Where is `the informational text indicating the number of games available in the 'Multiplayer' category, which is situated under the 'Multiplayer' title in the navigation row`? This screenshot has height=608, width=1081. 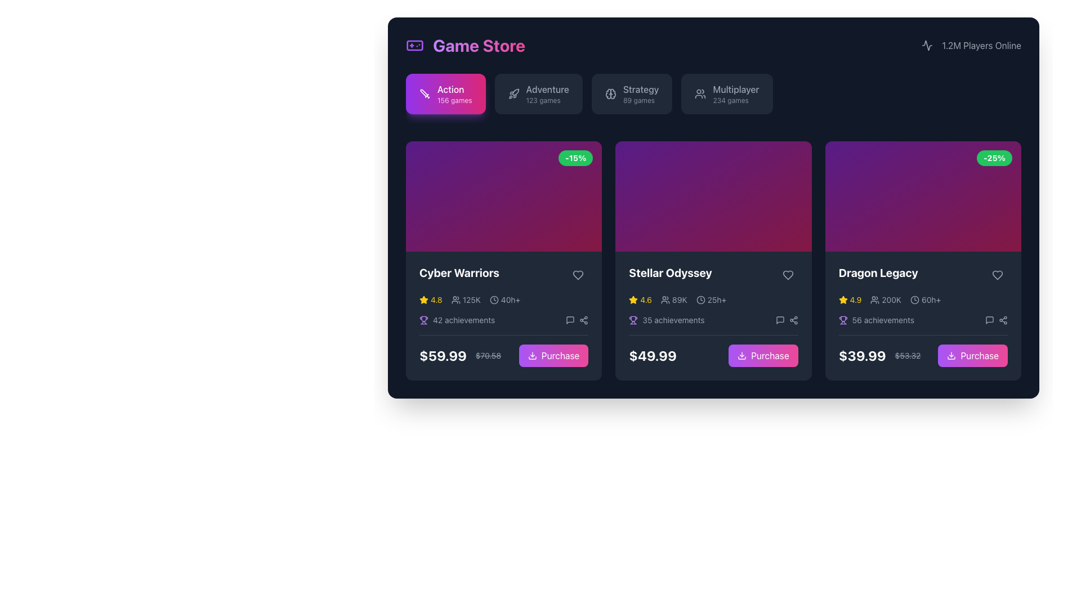 the informational text indicating the number of games available in the 'Multiplayer' category, which is situated under the 'Multiplayer' title in the navigation row is located at coordinates (731, 100).